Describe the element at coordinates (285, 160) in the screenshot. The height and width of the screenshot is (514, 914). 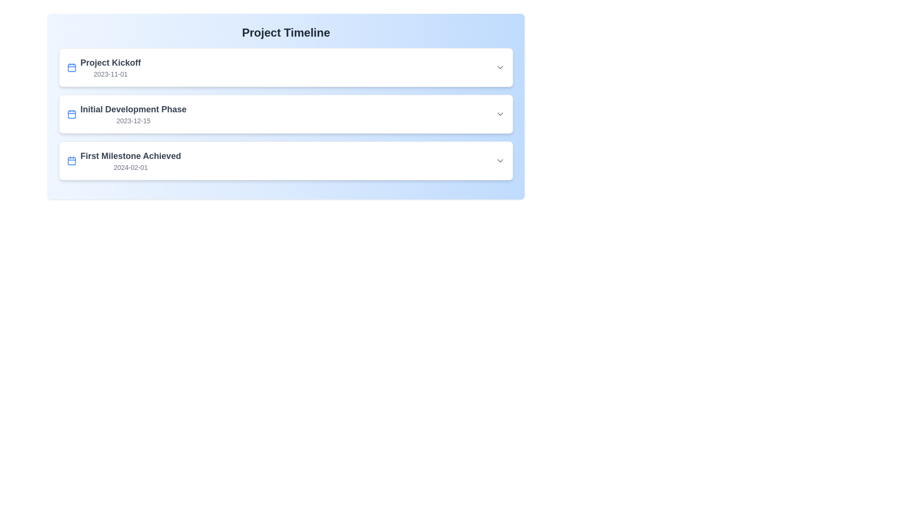
I see `the third Timeline Item` at that location.